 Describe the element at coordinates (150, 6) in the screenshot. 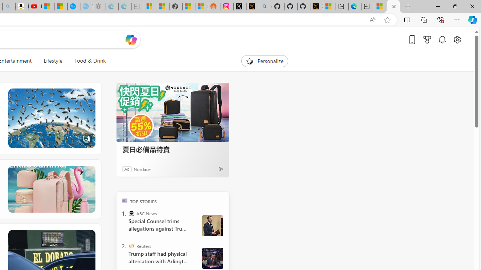

I see `'Microsoft account | Microsoft Account Privacy Settings'` at that location.